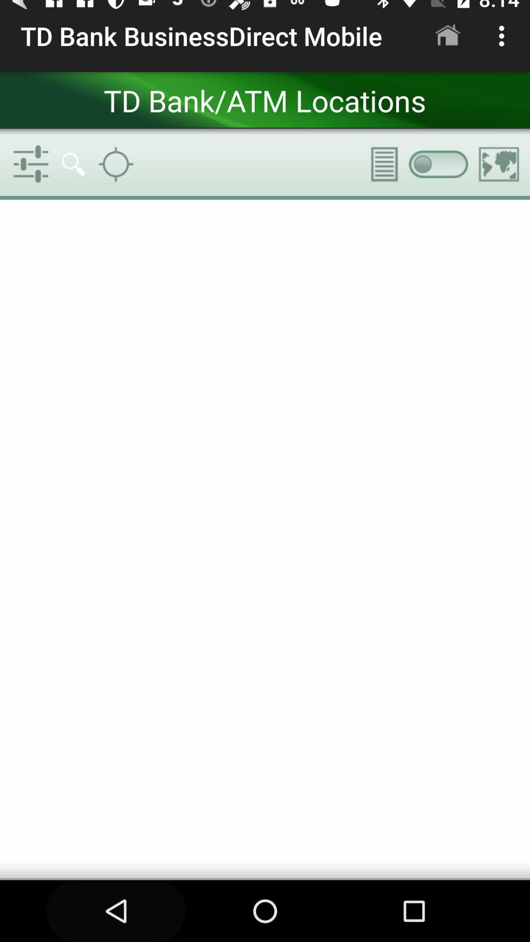  What do you see at coordinates (447, 36) in the screenshot?
I see `app next to td bank businessdirect item` at bounding box center [447, 36].